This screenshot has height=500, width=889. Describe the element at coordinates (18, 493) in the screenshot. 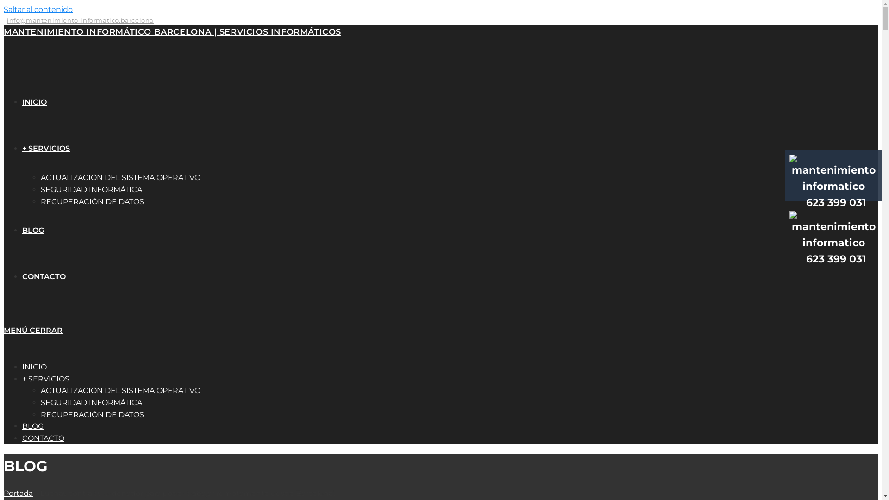

I see `'Portada'` at that location.